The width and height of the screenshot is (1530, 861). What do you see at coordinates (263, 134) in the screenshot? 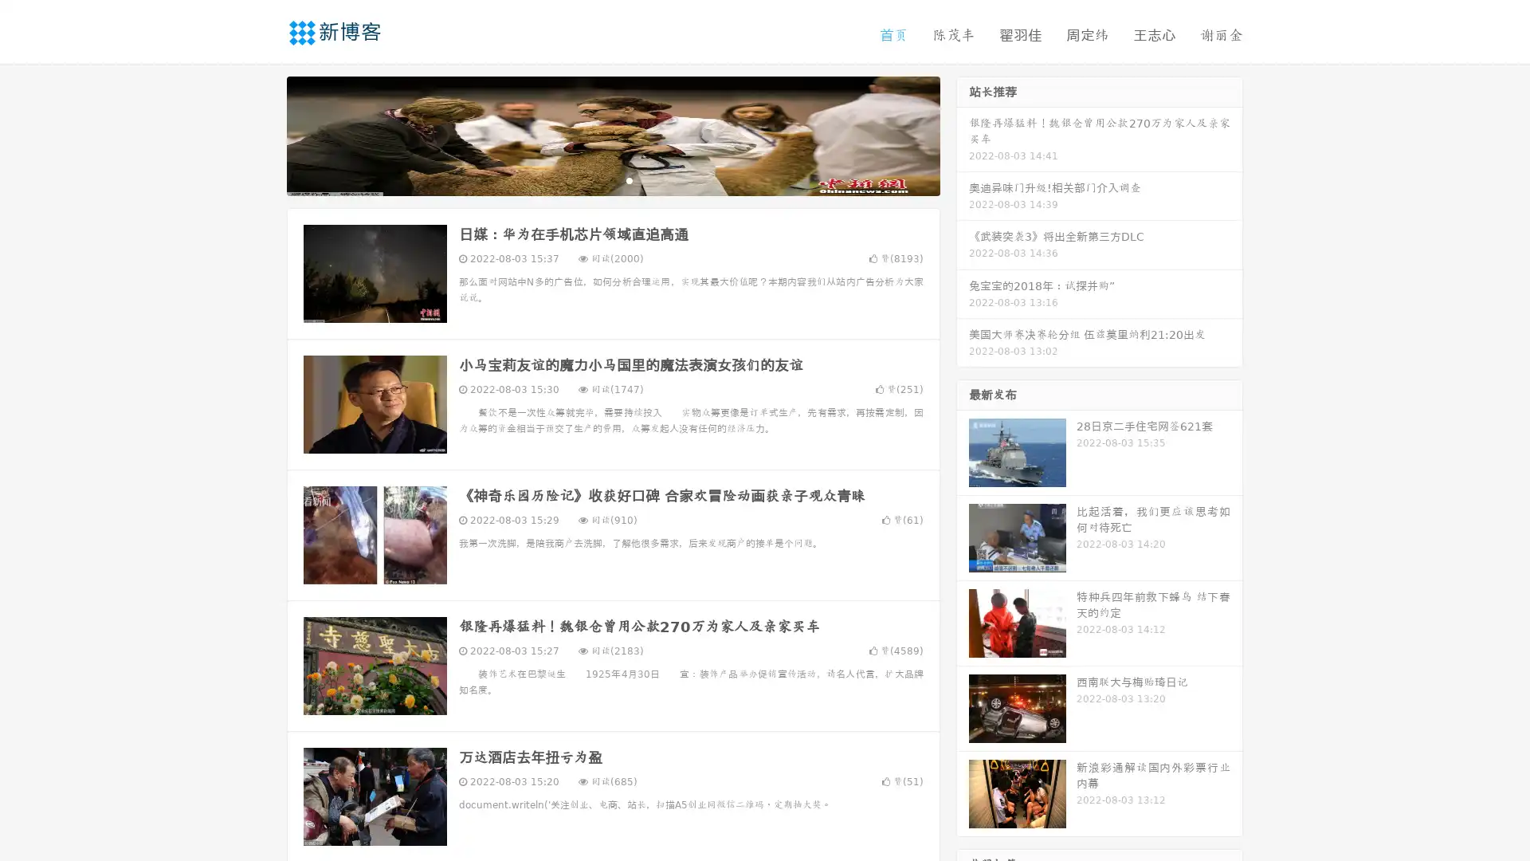
I see `Previous slide` at bounding box center [263, 134].